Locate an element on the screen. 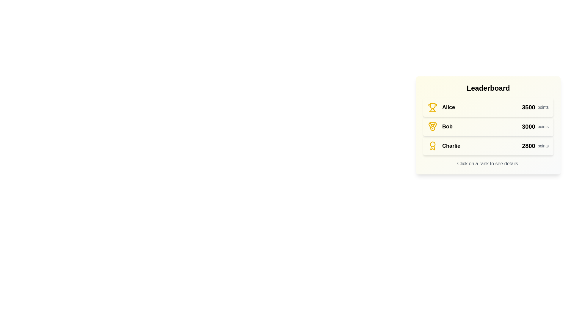 This screenshot has height=321, width=571. the icon representing rank Charlie is located at coordinates (432, 146).